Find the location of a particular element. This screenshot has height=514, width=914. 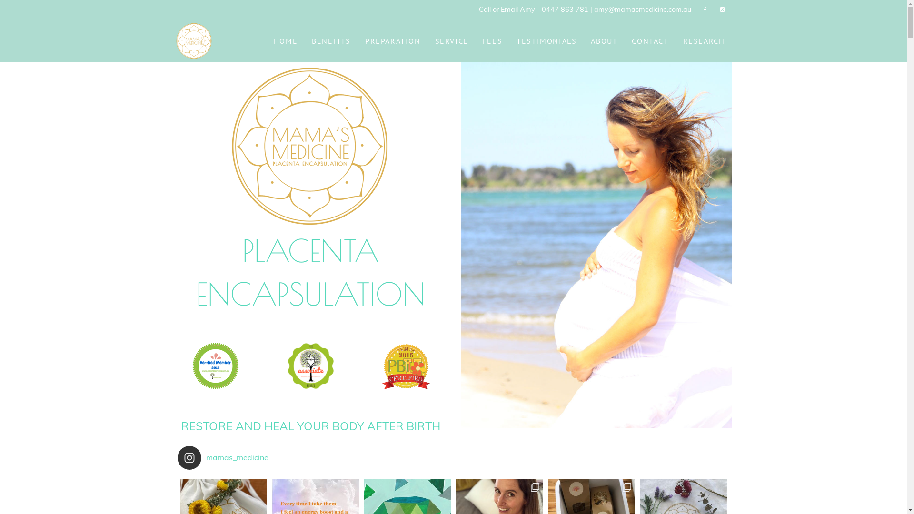

'BENEFITS' is located at coordinates (331, 40).